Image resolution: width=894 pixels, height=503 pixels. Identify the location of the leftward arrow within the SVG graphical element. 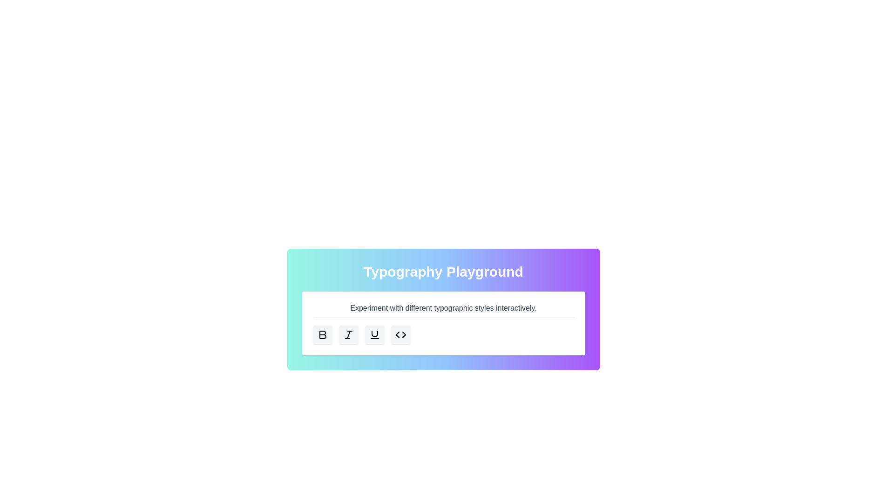
(397, 334).